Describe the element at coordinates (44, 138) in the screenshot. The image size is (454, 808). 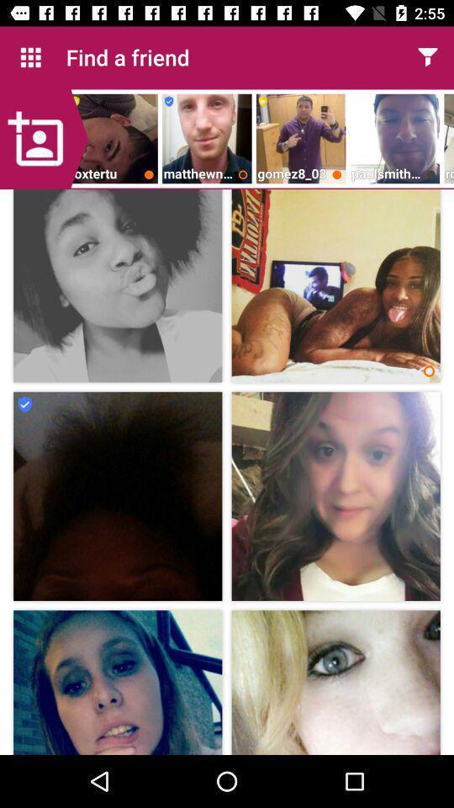
I see `friend` at that location.